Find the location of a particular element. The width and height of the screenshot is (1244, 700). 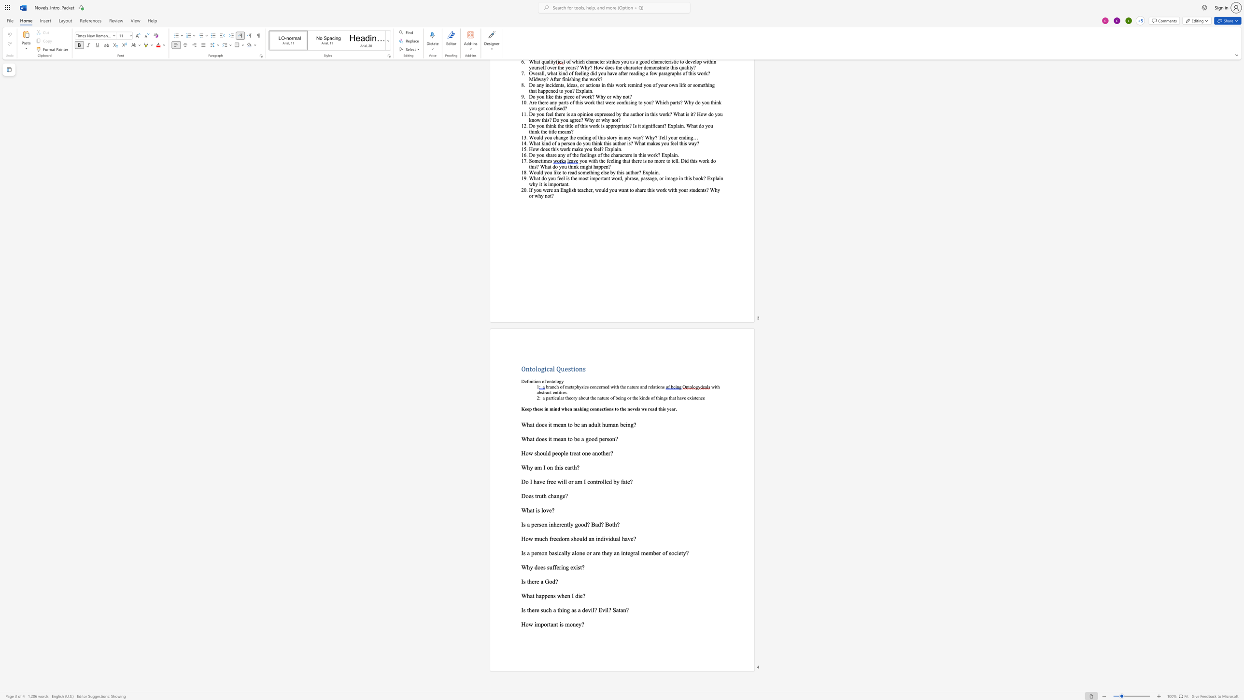

the 1th character "p" in the text is located at coordinates (553, 453).